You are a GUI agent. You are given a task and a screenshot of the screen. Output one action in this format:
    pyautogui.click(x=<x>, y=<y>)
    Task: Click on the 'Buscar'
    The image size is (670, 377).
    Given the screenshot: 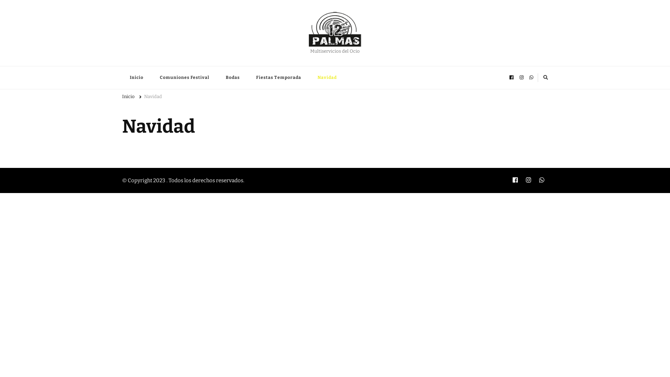 What is the action you would take?
    pyautogui.click(x=528, y=77)
    